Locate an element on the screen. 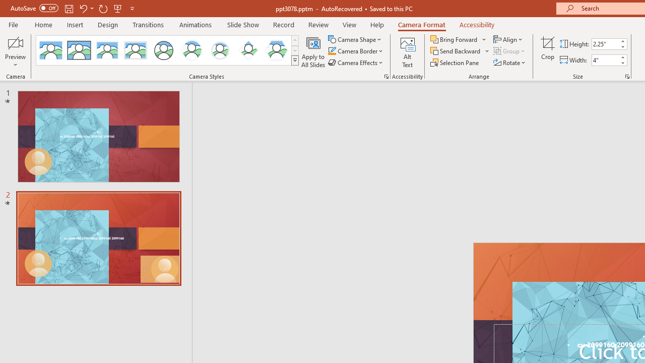 The image size is (645, 363). 'Camera Border Green, Accent 1' is located at coordinates (332, 51).